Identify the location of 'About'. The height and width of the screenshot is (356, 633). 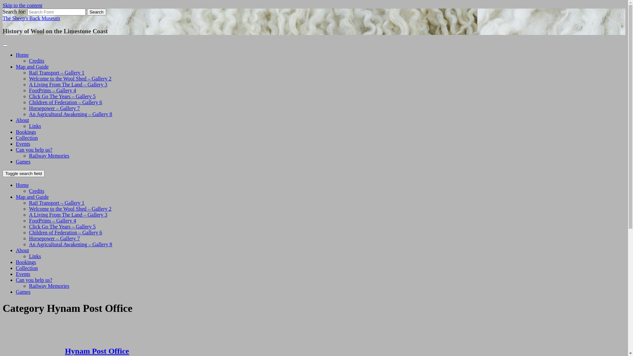
(22, 250).